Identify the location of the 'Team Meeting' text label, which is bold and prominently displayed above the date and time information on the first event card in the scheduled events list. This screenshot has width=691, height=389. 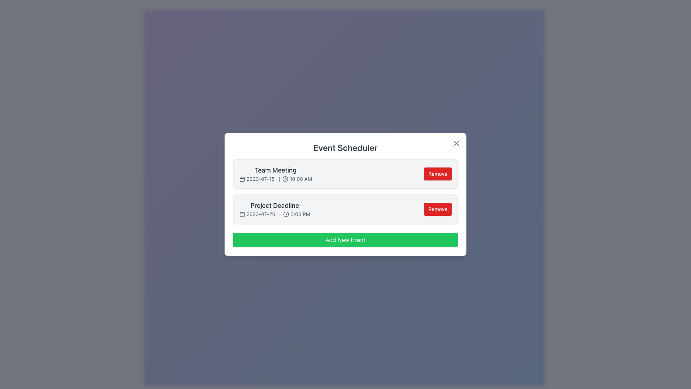
(275, 170).